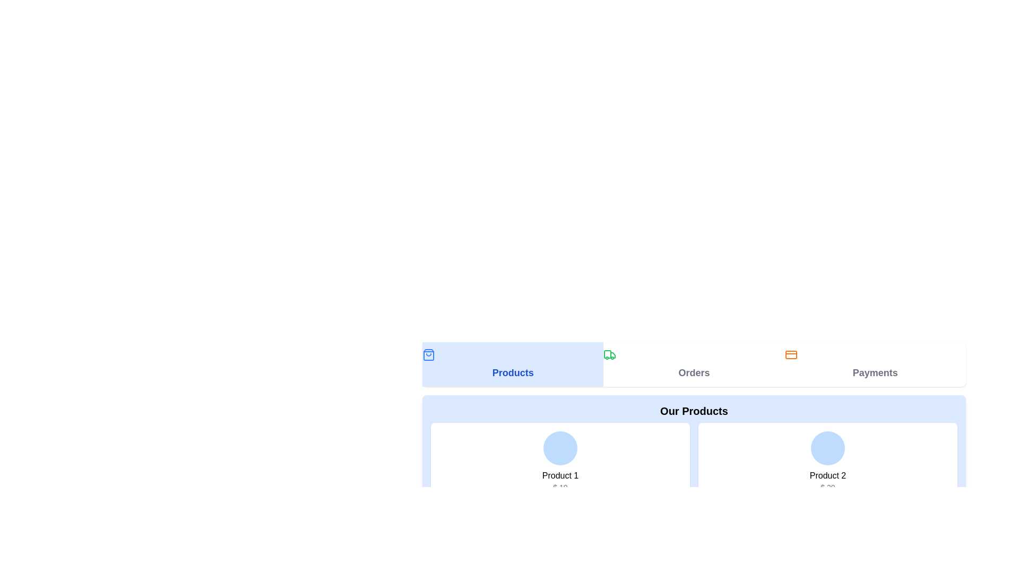 Image resolution: width=1019 pixels, height=573 pixels. Describe the element at coordinates (428, 354) in the screenshot. I see `the blue shopping bag icon within the 'Products' button located at the top-left corner of the button` at that location.